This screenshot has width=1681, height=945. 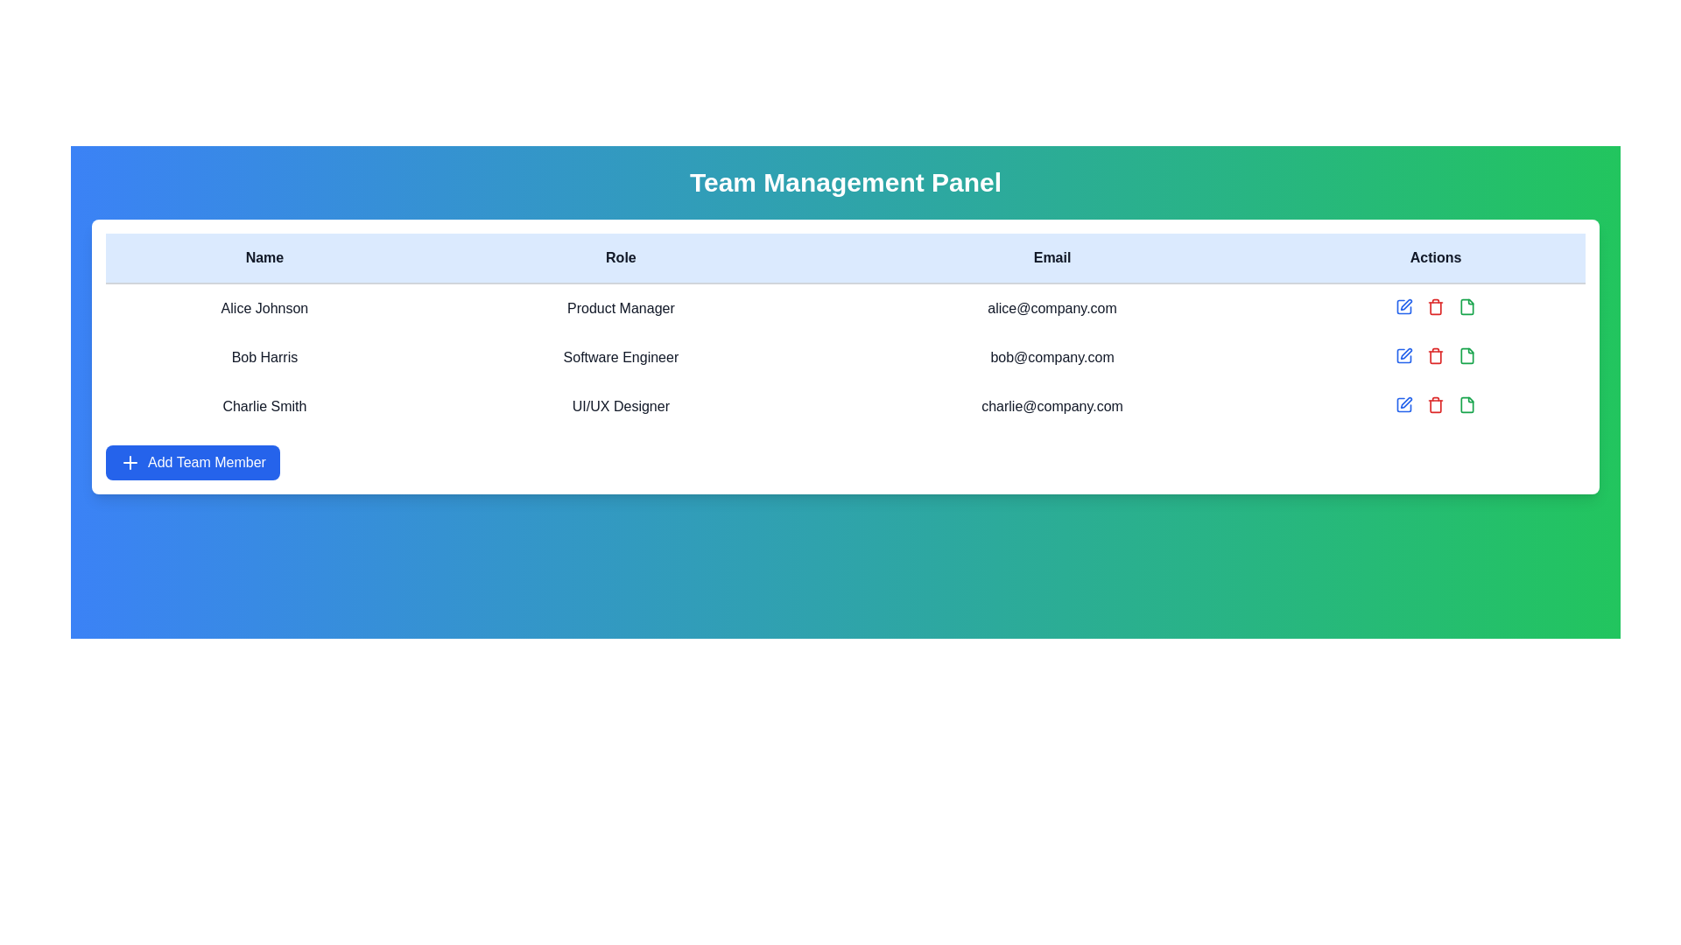 What do you see at coordinates (1466, 404) in the screenshot?
I see `the file icon in the 'Actions' column for the entry associated with 'Charlie Smith' to initiate the associated action` at bounding box center [1466, 404].